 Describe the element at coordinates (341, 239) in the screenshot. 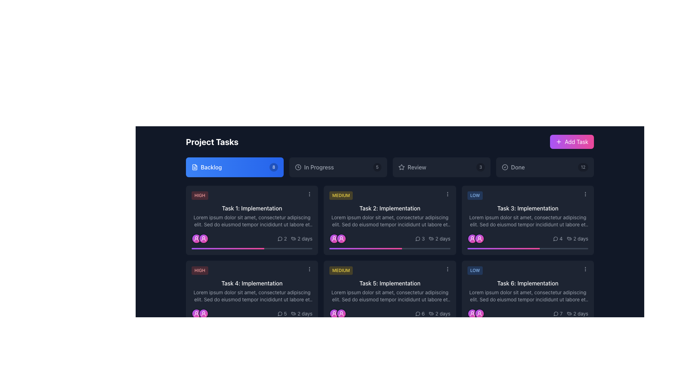

I see `the circular gradient Icon button with a purple-to-pink color scheme and a white user icon centered within` at that location.